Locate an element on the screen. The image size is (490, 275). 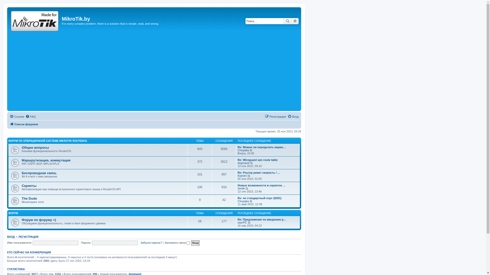
'dogmaod' is located at coordinates (237, 163).